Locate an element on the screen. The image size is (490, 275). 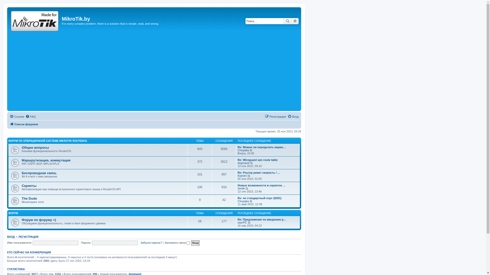
'dogmaod' is located at coordinates (237, 163).